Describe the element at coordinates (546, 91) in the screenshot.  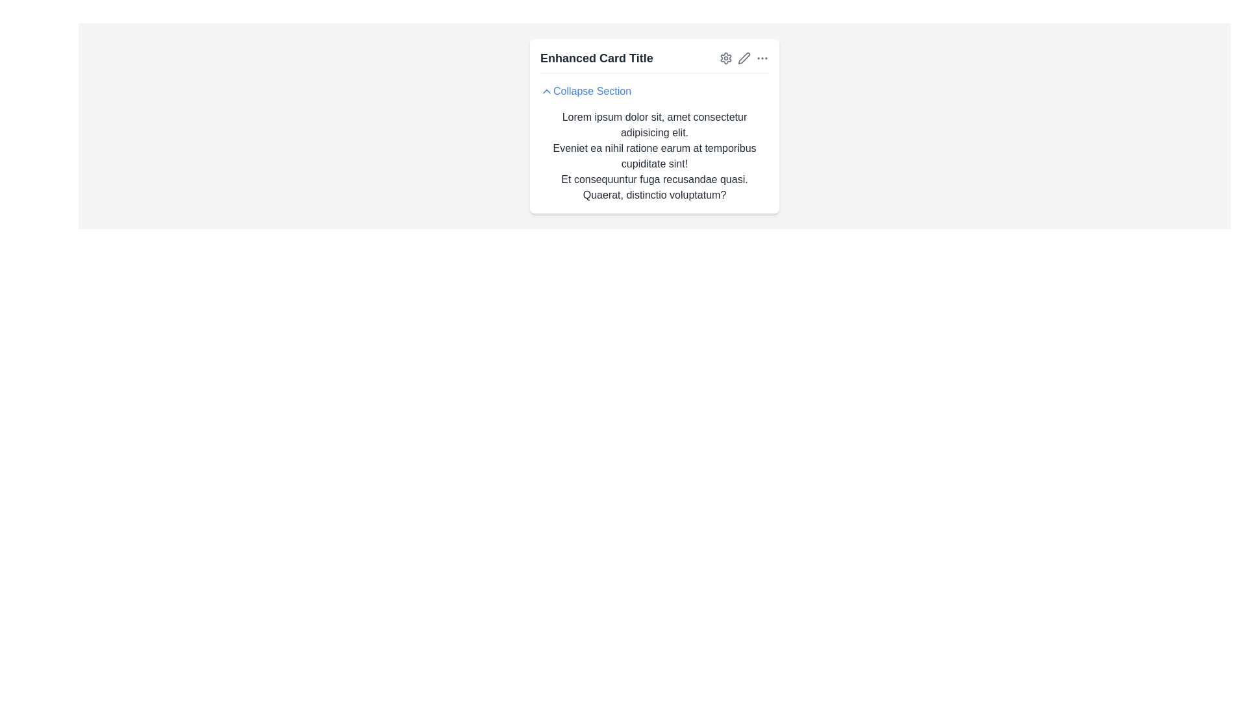
I see `the chevron-up icon located to the left of the 'Collapse Section' text within the 'Enhanced Card Title' area` at that location.